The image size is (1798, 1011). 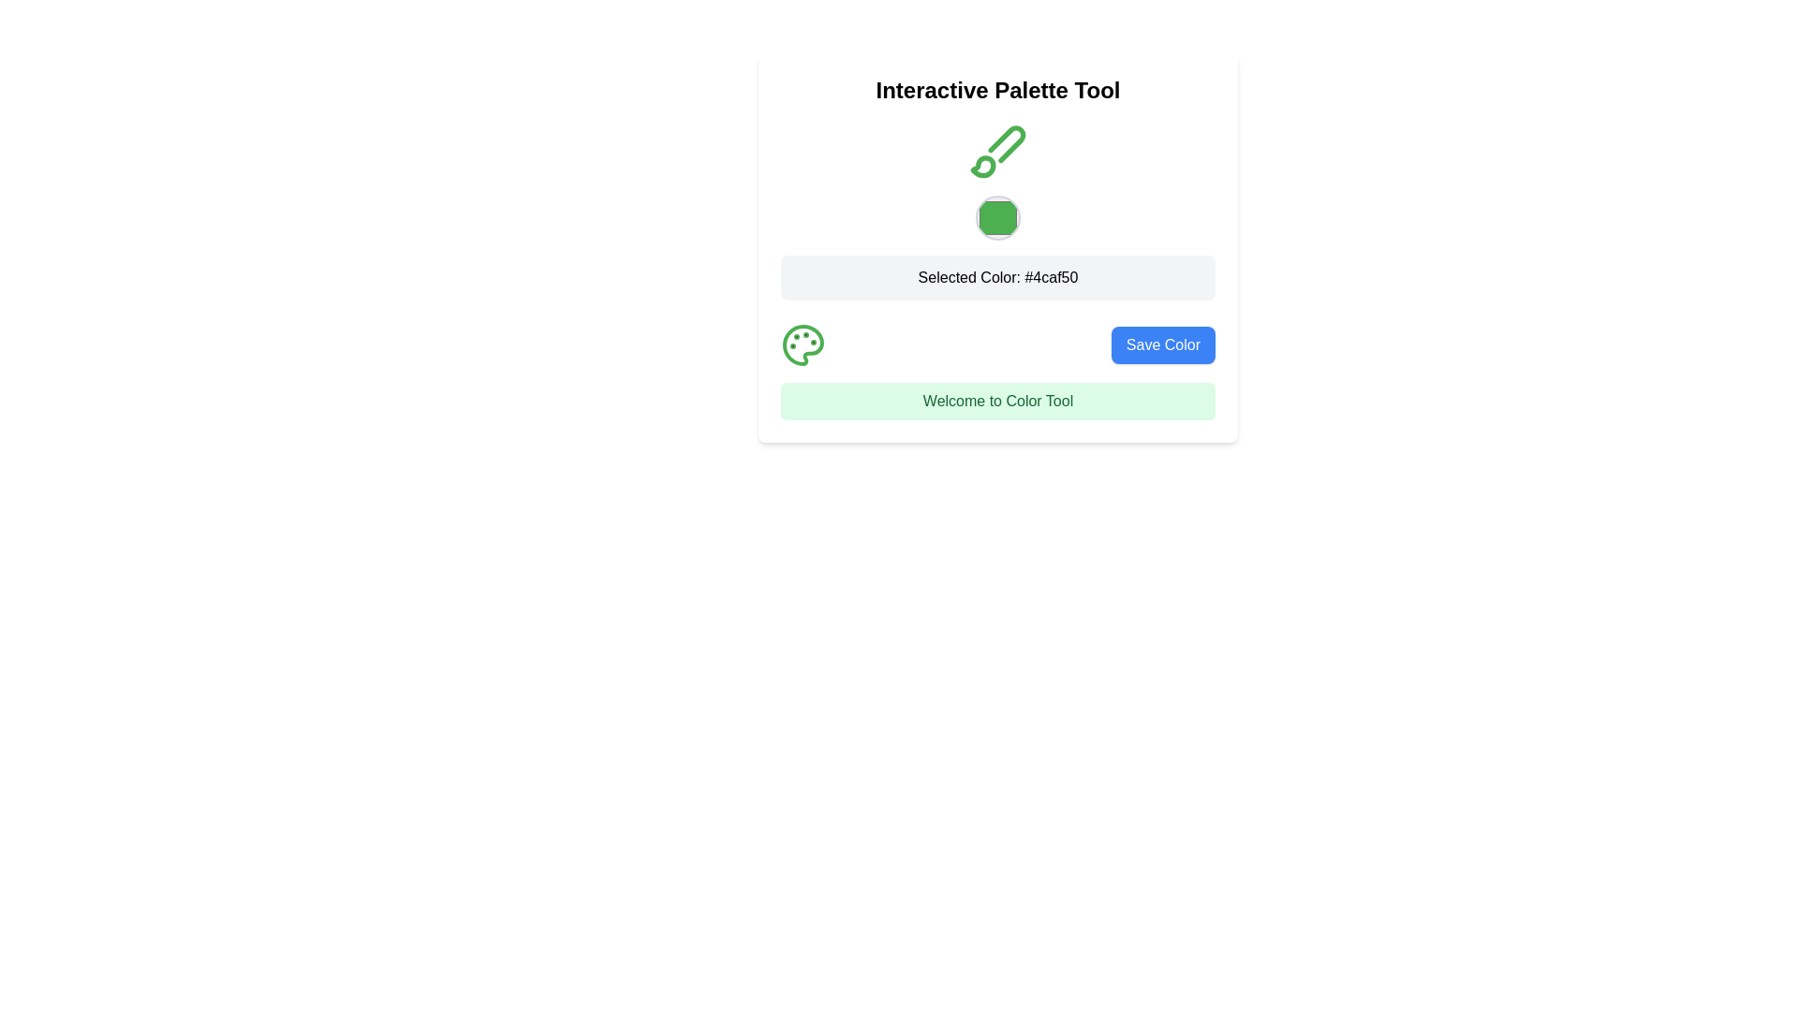 What do you see at coordinates (996, 400) in the screenshot?
I see `the static text label that displays 'Welcome to Color Tool', which is styled in dark green and located near the bottom of the card interface` at bounding box center [996, 400].